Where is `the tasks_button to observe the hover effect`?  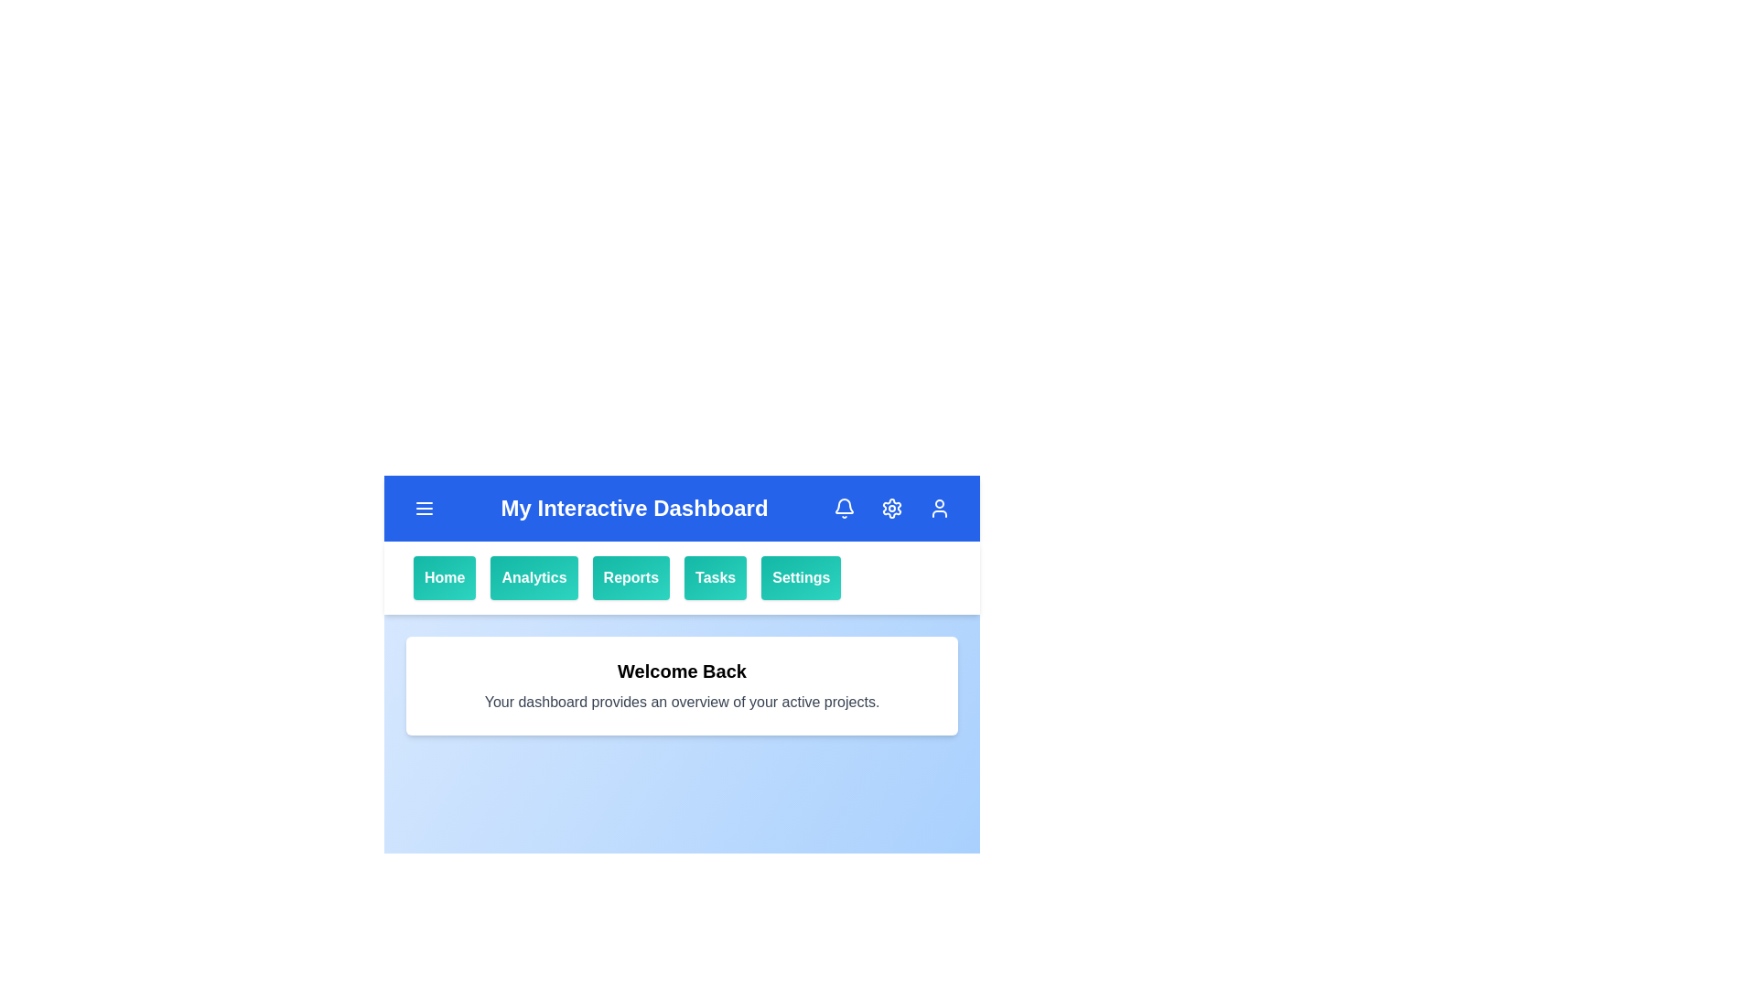 the tasks_button to observe the hover effect is located at coordinates (715, 578).